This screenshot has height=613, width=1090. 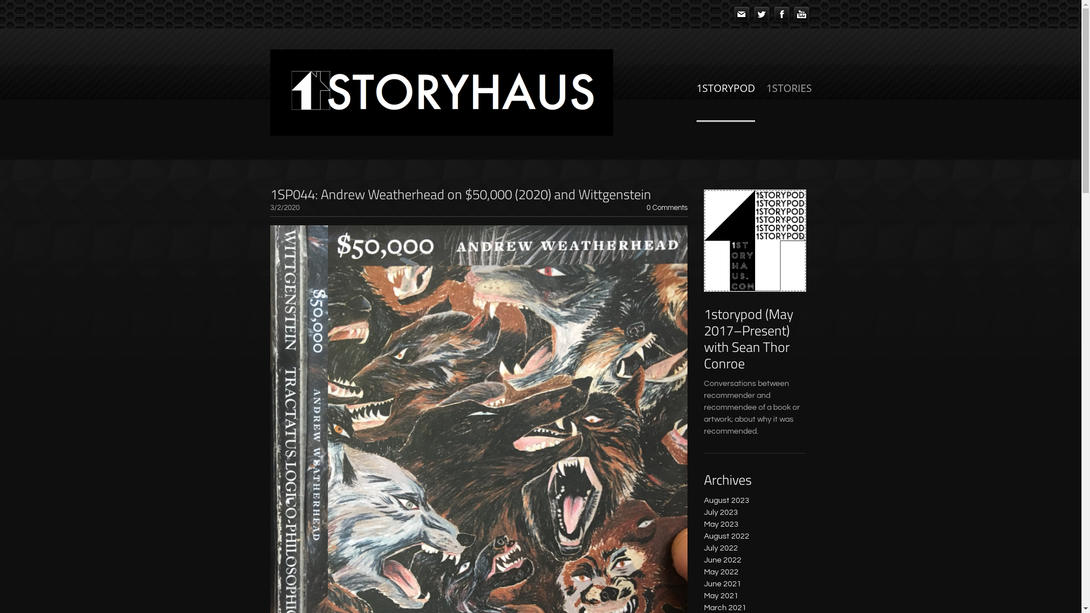 What do you see at coordinates (720, 572) in the screenshot?
I see `'May 2022'` at bounding box center [720, 572].